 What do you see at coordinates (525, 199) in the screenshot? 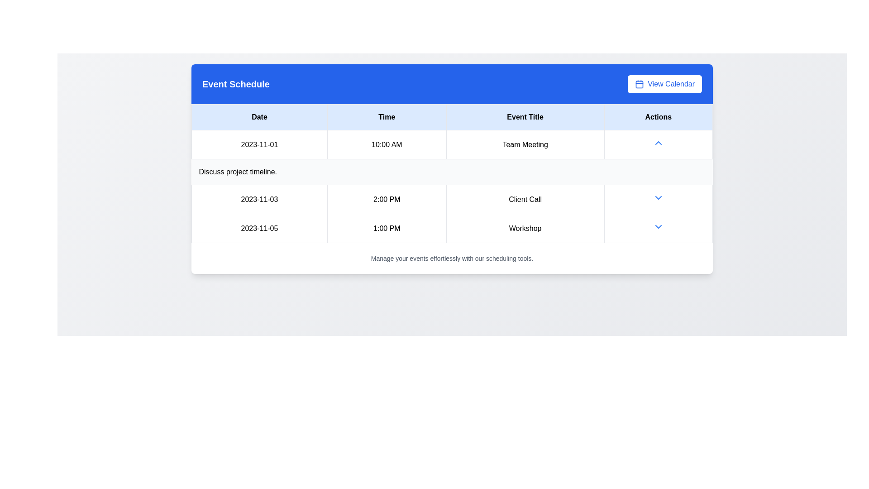
I see `the 'Client Call' text label located under the 'Event Title' column corresponding to the time entry '2:00 PM' and the date '2023-11-03'` at bounding box center [525, 199].